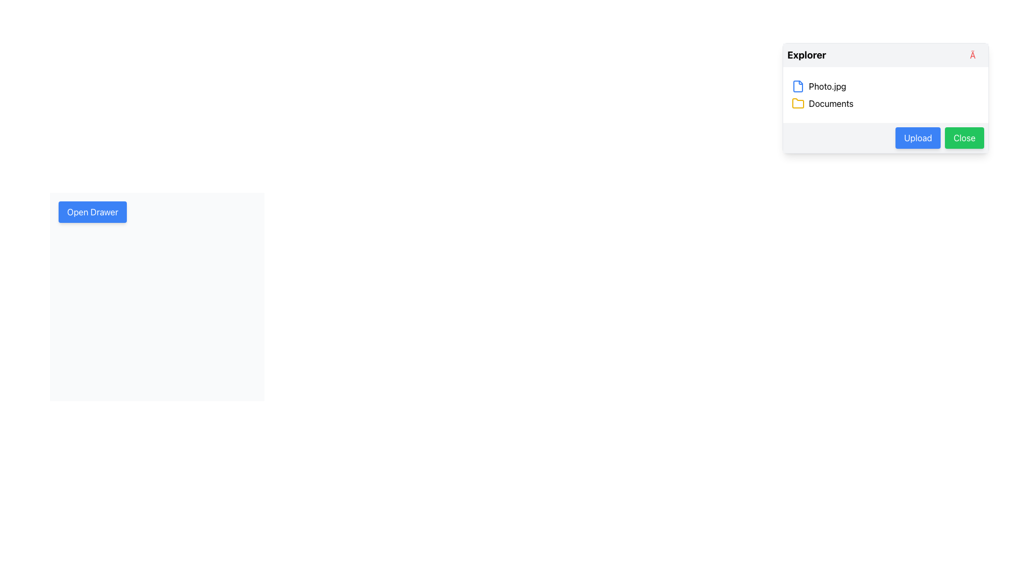  Describe the element at coordinates (798, 103) in the screenshot. I see `the folder icon located in the 'Documents' section of the 'Explorer' panel` at that location.